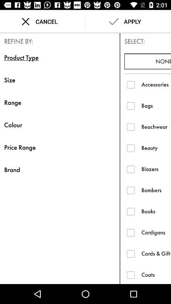 Image resolution: width=171 pixels, height=304 pixels. What do you see at coordinates (130, 84) in the screenshot?
I see `item` at bounding box center [130, 84].